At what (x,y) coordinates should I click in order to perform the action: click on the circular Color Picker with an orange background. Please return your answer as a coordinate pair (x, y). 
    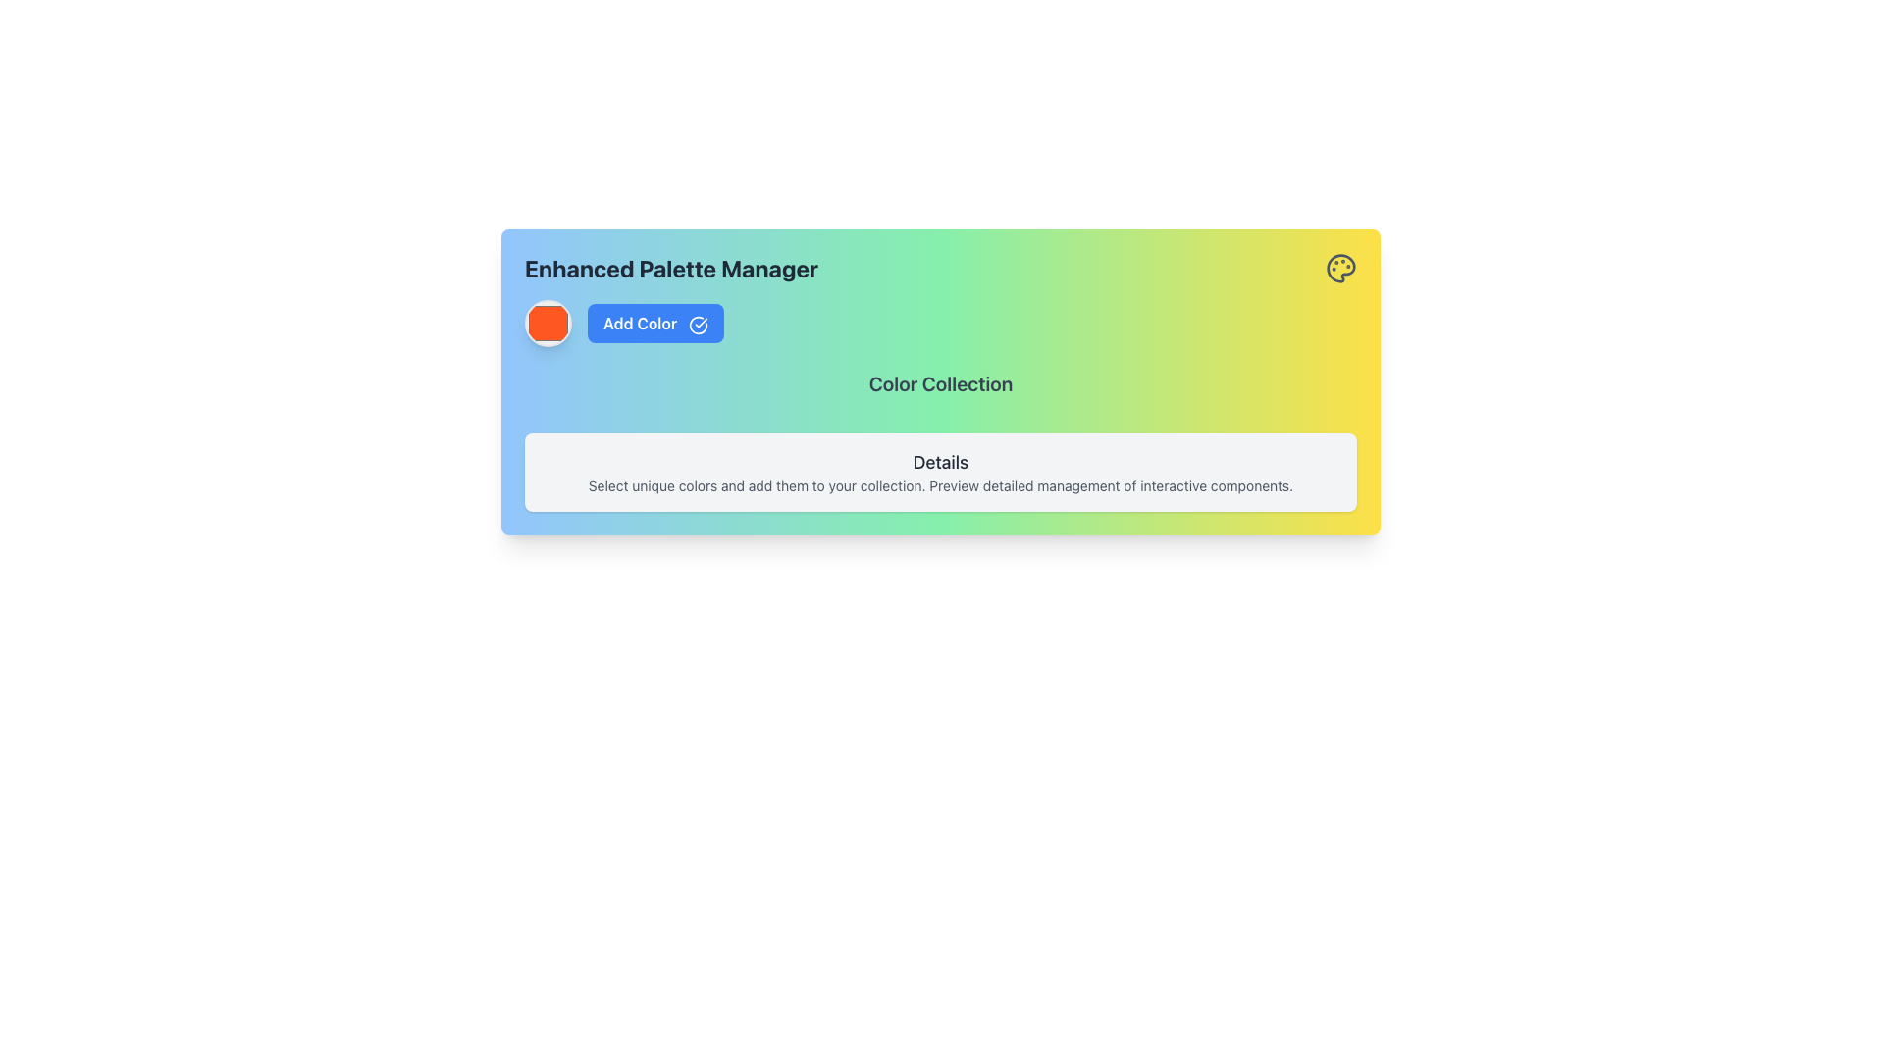
    Looking at the image, I should click on (548, 323).